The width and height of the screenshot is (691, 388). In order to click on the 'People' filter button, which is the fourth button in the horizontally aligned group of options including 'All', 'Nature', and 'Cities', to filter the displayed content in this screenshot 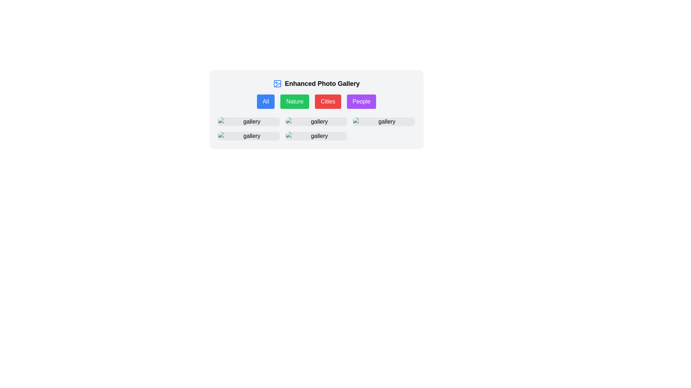, I will do `click(361, 101)`.